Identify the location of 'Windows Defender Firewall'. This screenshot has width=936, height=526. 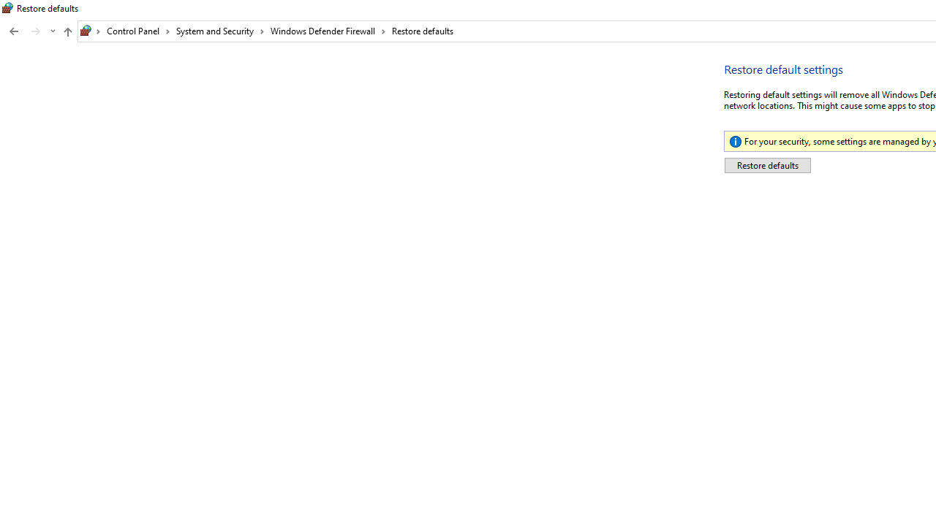
(328, 31).